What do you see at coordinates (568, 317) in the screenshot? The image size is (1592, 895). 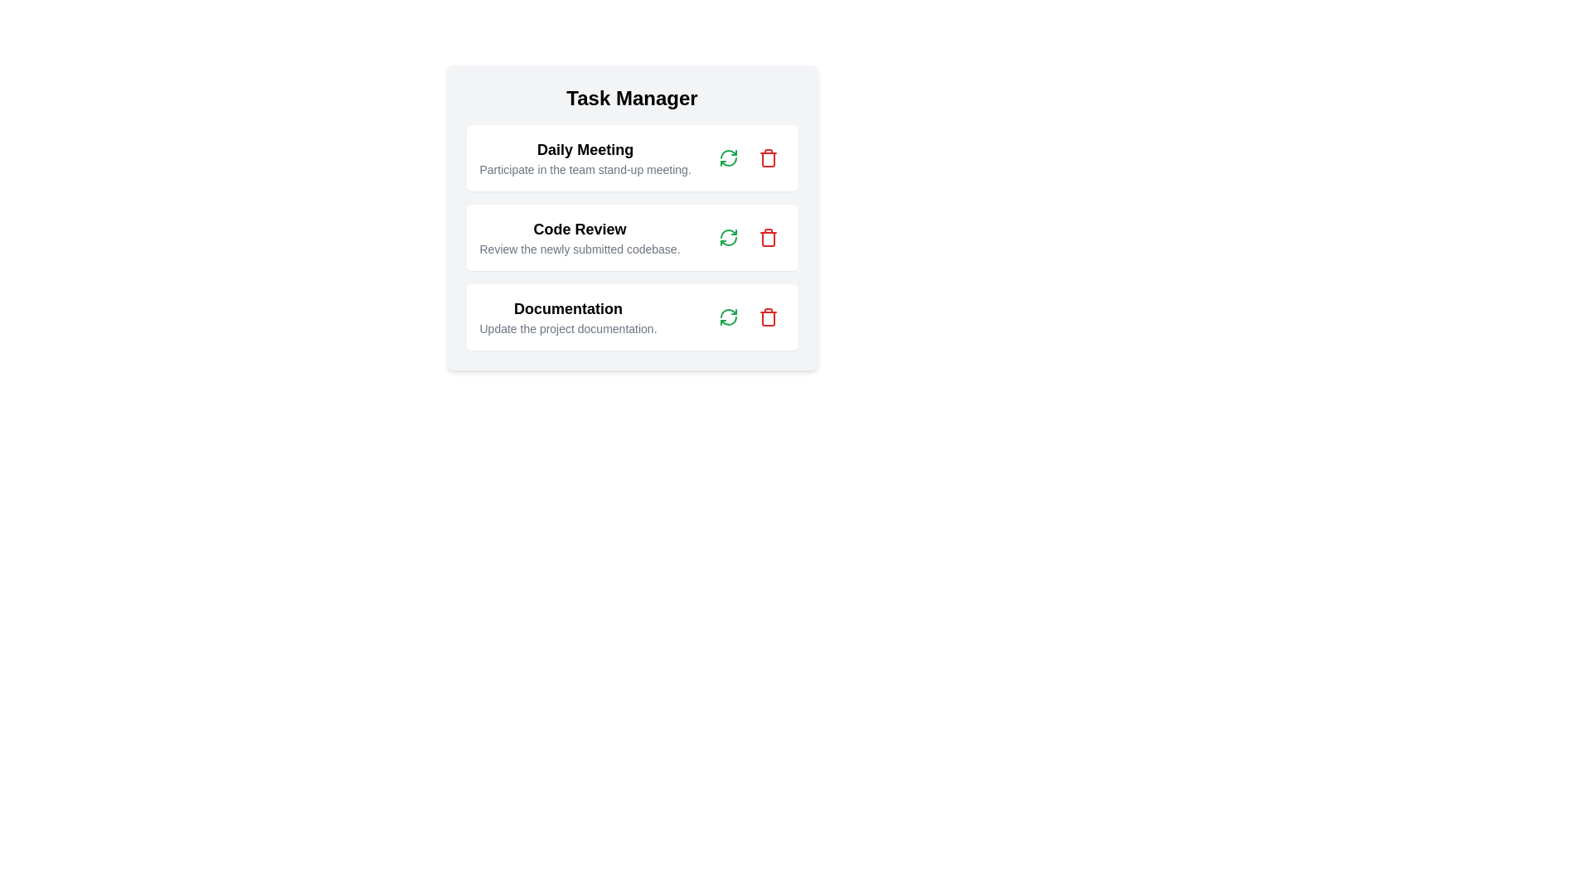 I see `the text block representing the task title and description within the task manager application` at bounding box center [568, 317].